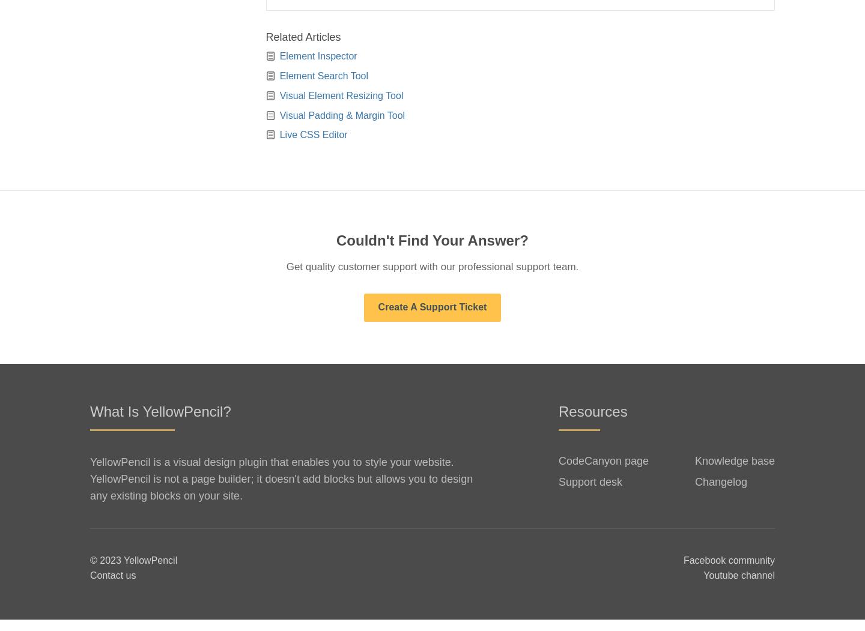 Image resolution: width=865 pixels, height=631 pixels. What do you see at coordinates (302, 49) in the screenshot?
I see `'Related Articles'` at bounding box center [302, 49].